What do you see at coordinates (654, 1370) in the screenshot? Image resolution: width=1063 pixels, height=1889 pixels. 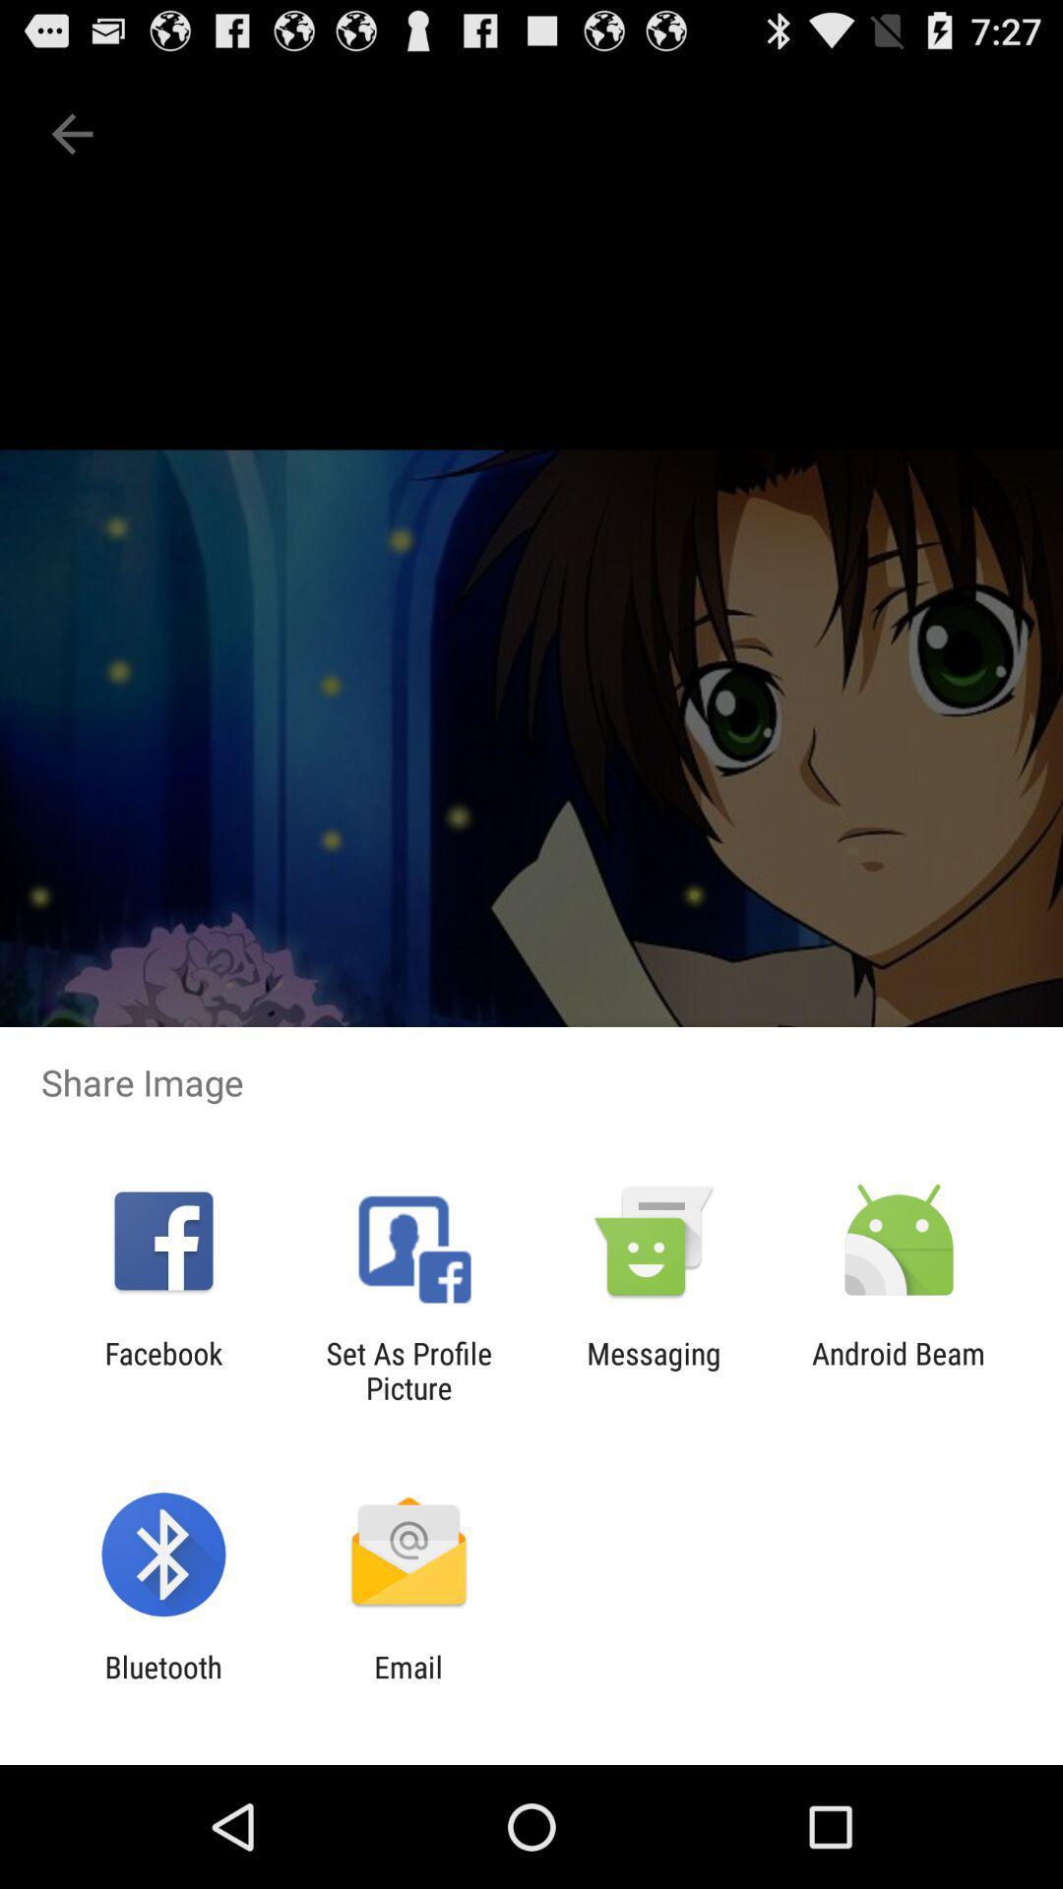 I see `the icon next to the android beam app` at bounding box center [654, 1370].